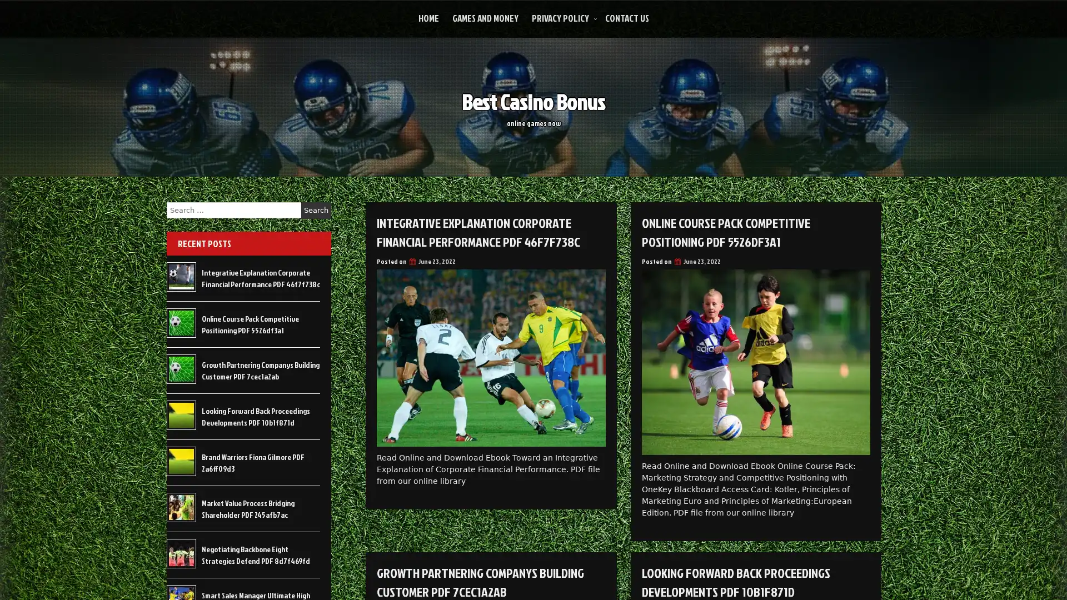 The image size is (1067, 600). I want to click on Search, so click(316, 210).